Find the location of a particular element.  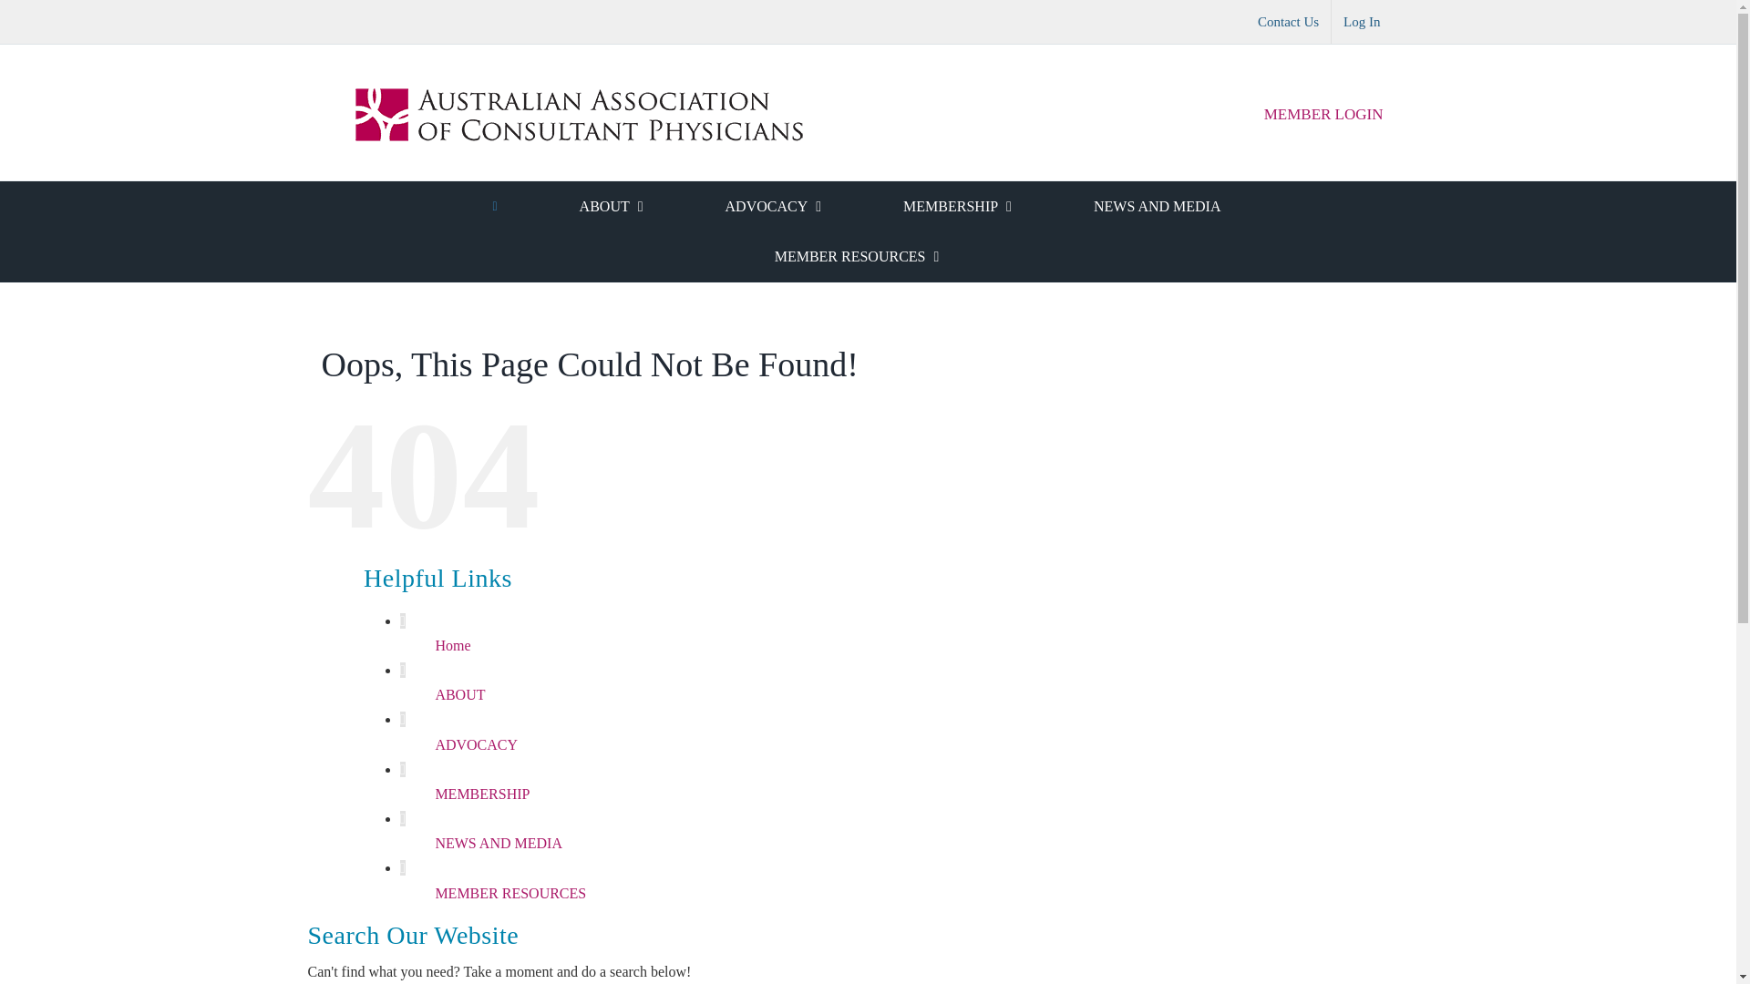

'ADVOCACY' is located at coordinates (476, 744).